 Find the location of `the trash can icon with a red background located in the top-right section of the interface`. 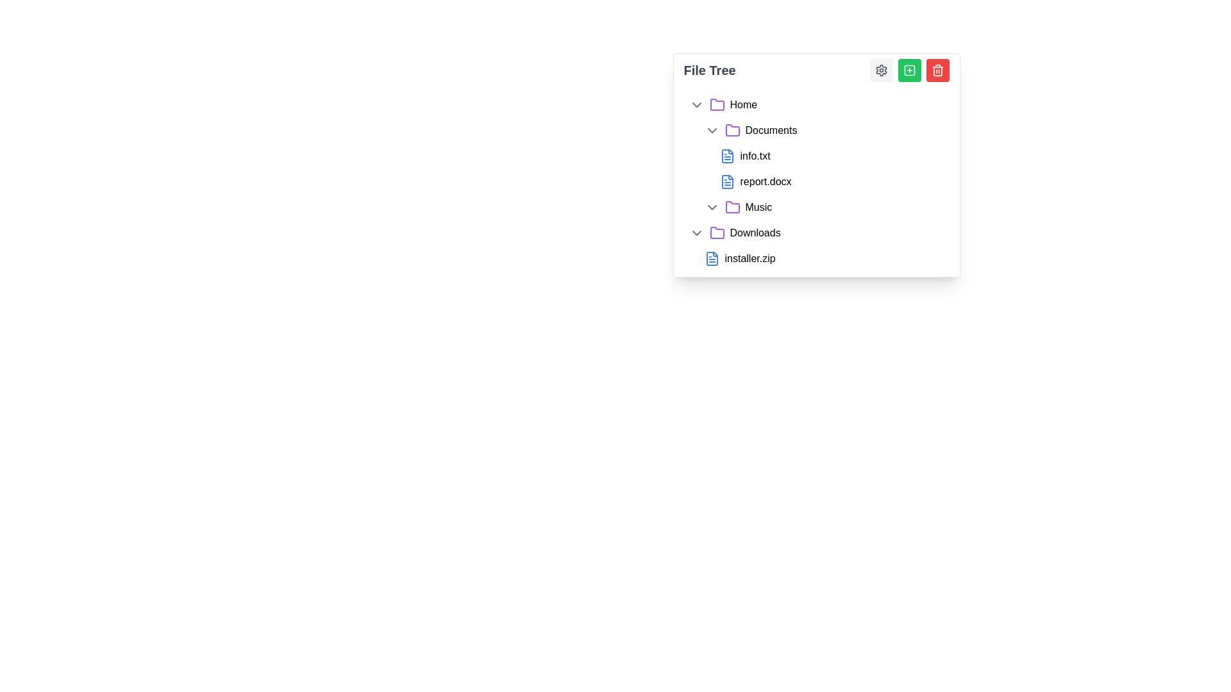

the trash can icon with a red background located in the top-right section of the interface is located at coordinates (937, 70).